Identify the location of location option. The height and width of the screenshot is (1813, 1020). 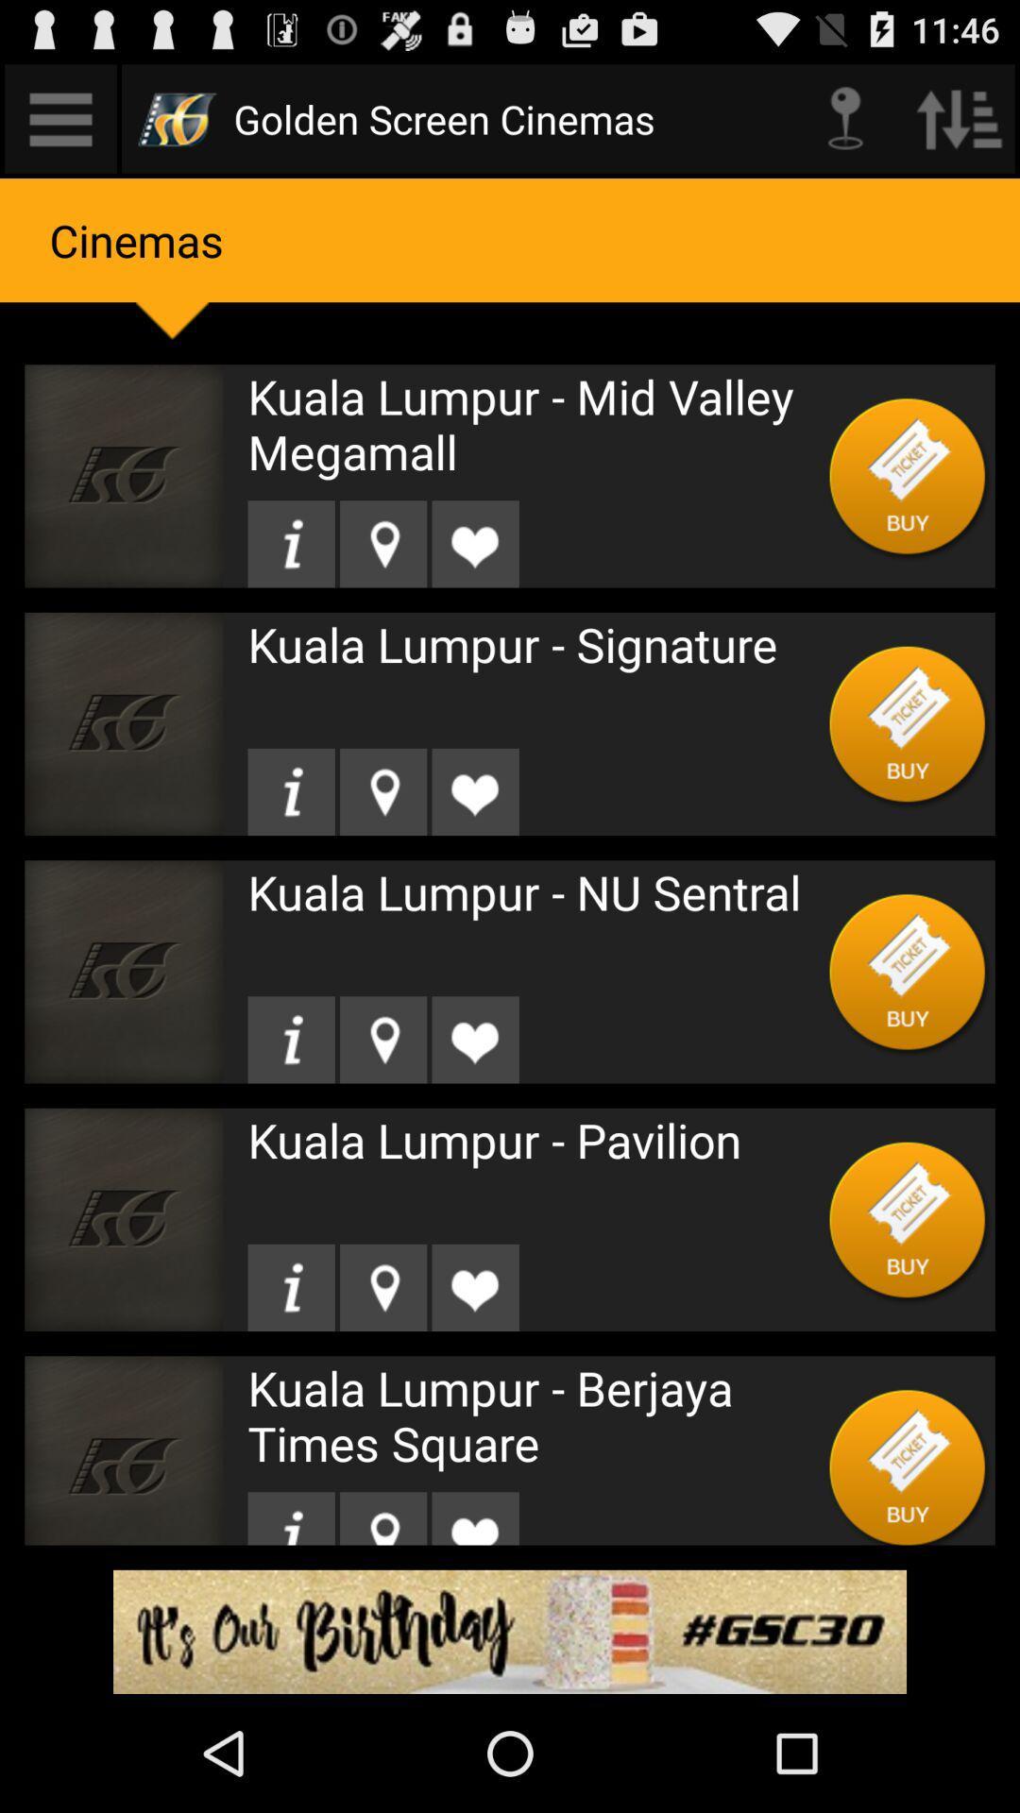
(382, 1039).